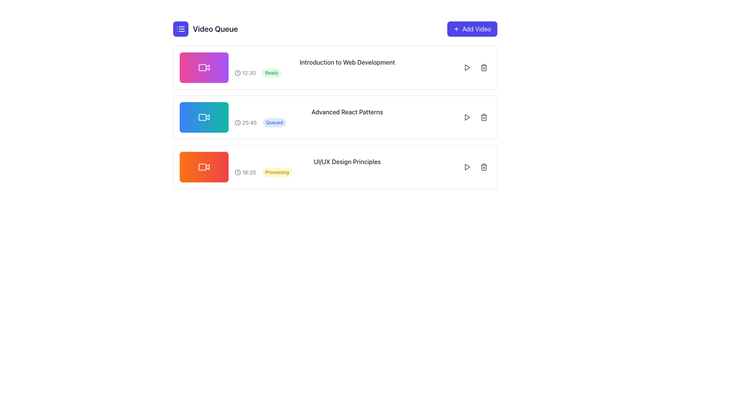  What do you see at coordinates (466, 67) in the screenshot?
I see `the play button for the video titled 'Introduction to Web Development', which is located to the far right of its row, between a status indicator and a delete icon` at bounding box center [466, 67].